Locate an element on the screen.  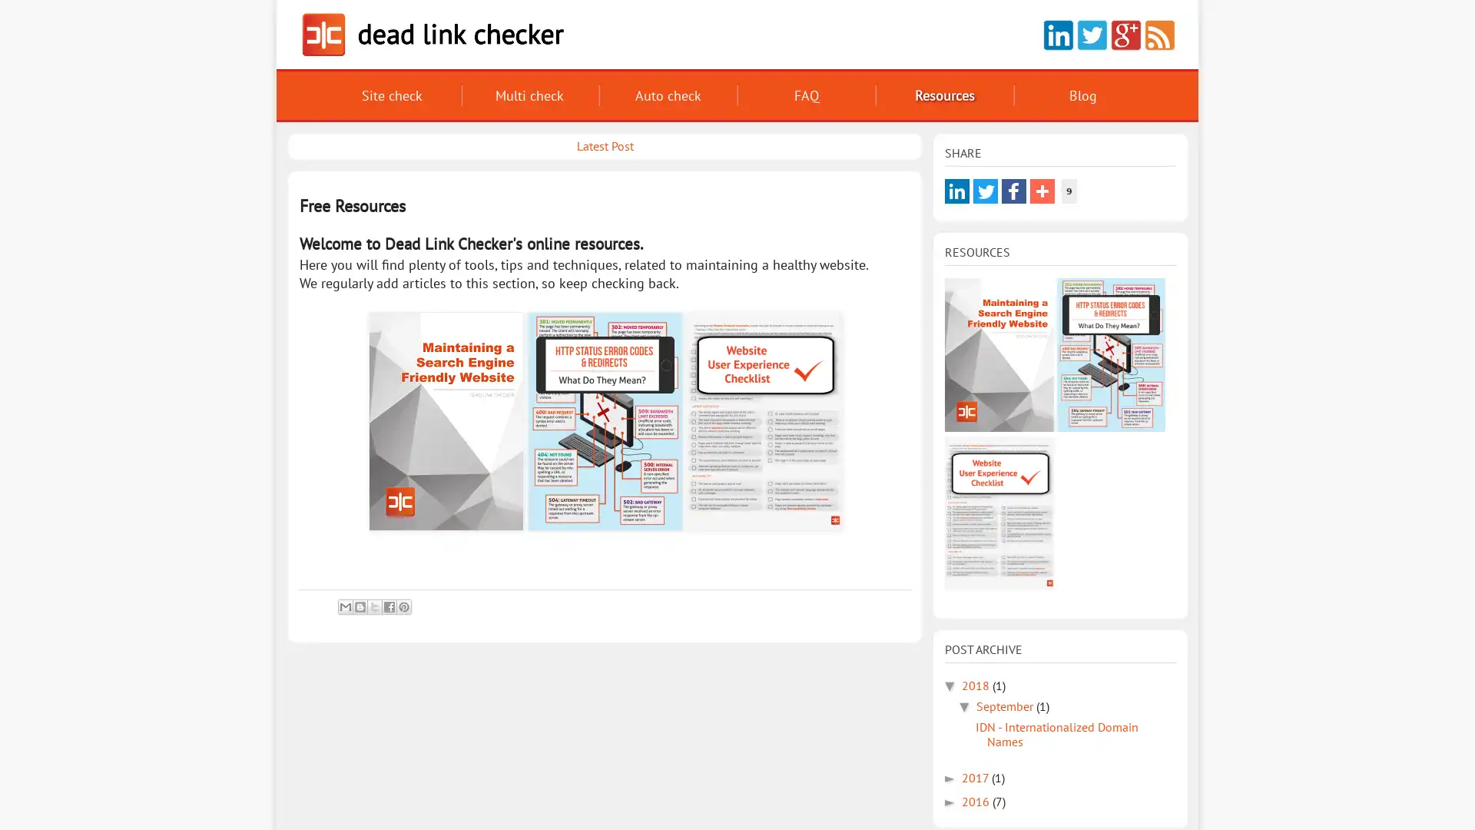
Share to LinkedIn is located at coordinates (956, 191).